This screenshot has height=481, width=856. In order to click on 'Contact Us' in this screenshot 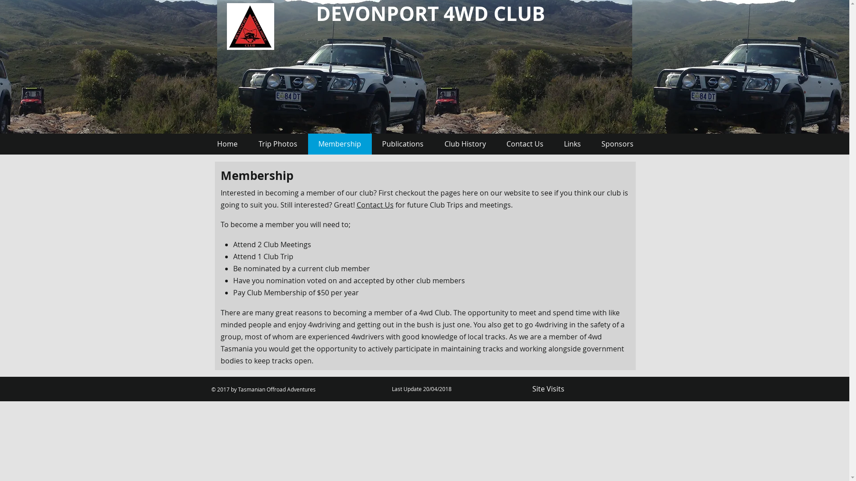, I will do `click(375, 204)`.